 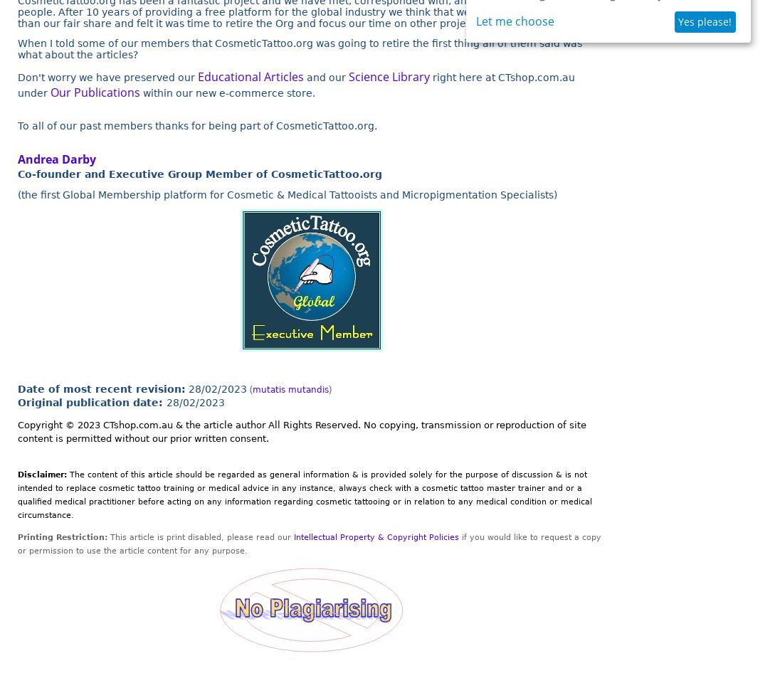 What do you see at coordinates (300, 48) in the screenshot?
I see `'When I told some of our members that CosmeticTattoo.org 
was going to retire the first thing all of them said was  what about the 
articles?'` at bounding box center [300, 48].